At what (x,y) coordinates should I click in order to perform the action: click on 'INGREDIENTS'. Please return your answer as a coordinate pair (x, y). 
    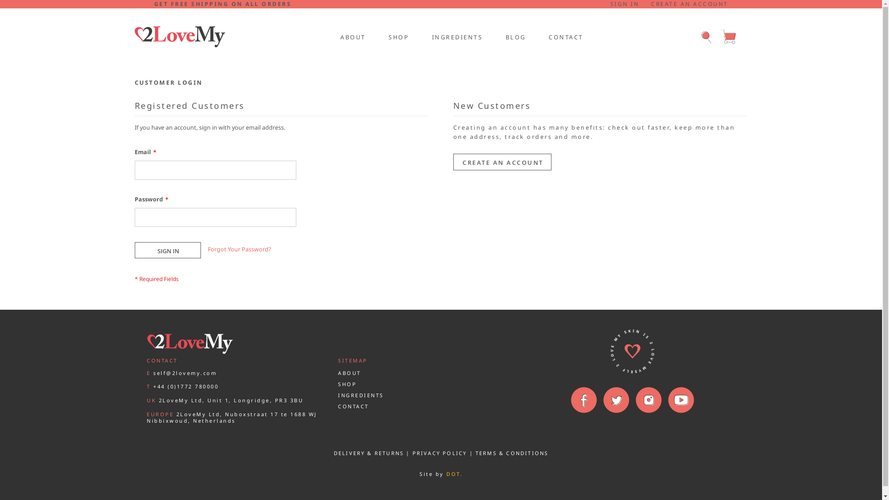
    Looking at the image, I should click on (456, 36).